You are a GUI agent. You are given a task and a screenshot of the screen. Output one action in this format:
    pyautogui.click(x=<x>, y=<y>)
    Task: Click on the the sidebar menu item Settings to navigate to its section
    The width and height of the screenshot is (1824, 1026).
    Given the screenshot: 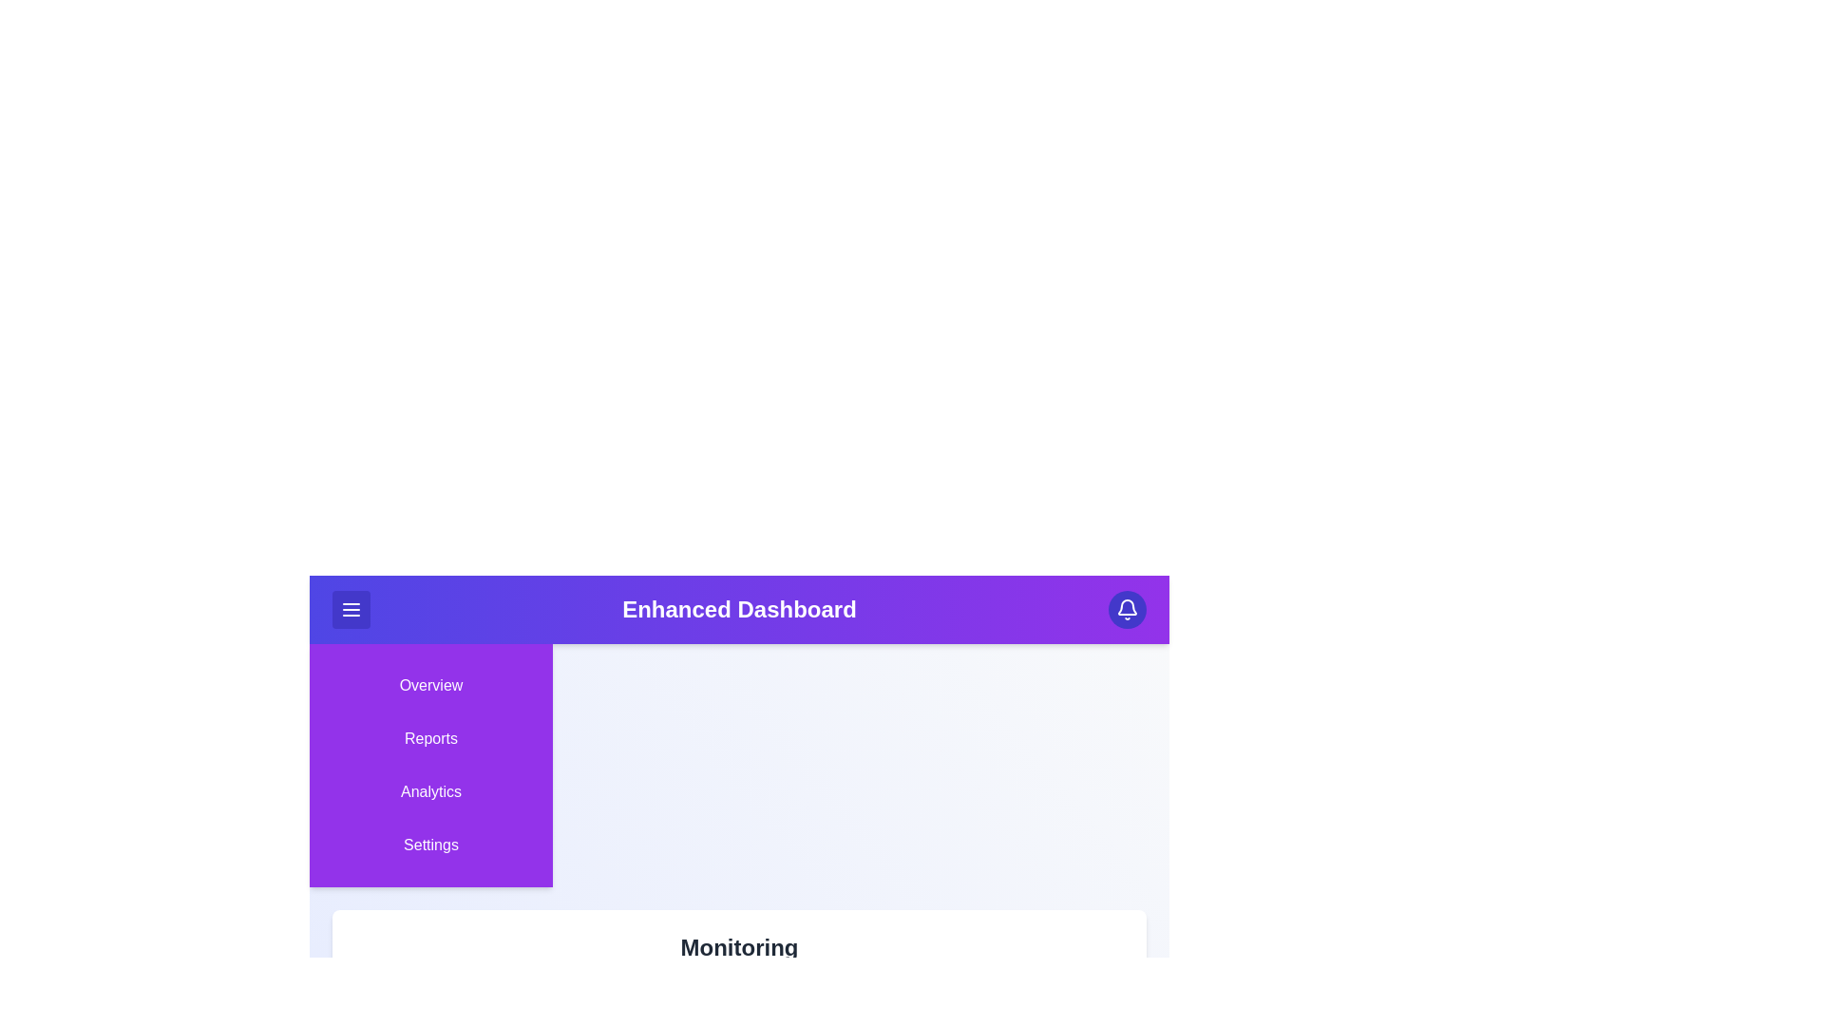 What is the action you would take?
    pyautogui.click(x=430, y=845)
    